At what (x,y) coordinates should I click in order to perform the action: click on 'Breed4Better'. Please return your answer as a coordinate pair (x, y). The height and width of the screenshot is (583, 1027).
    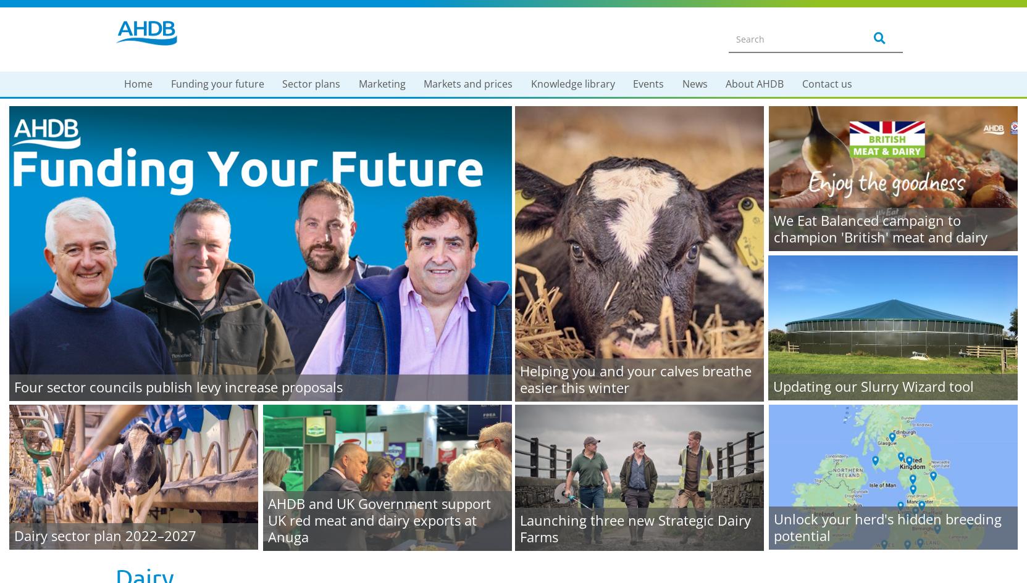
    Looking at the image, I should click on (167, 558).